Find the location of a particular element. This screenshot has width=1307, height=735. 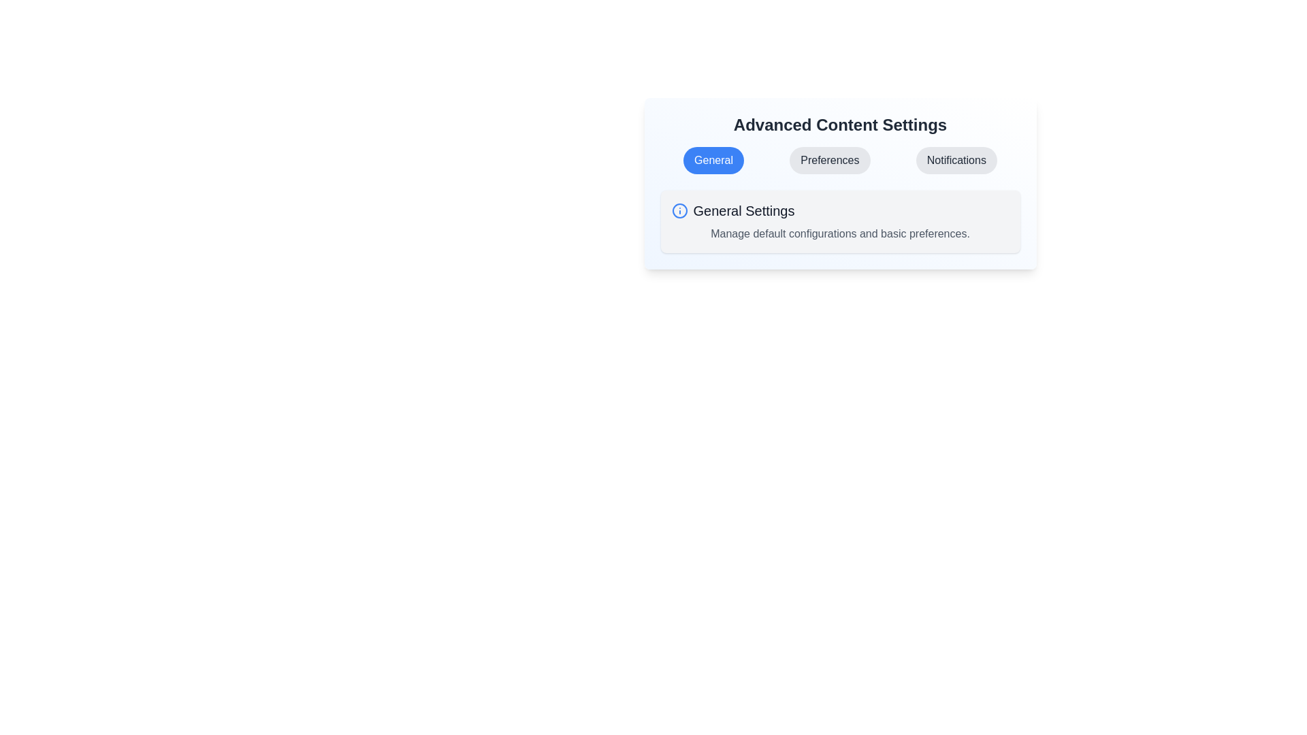

the 'Preferences' button in the horizontal group of selectable buttons below 'Advanced Content Settings' is located at coordinates (839, 159).